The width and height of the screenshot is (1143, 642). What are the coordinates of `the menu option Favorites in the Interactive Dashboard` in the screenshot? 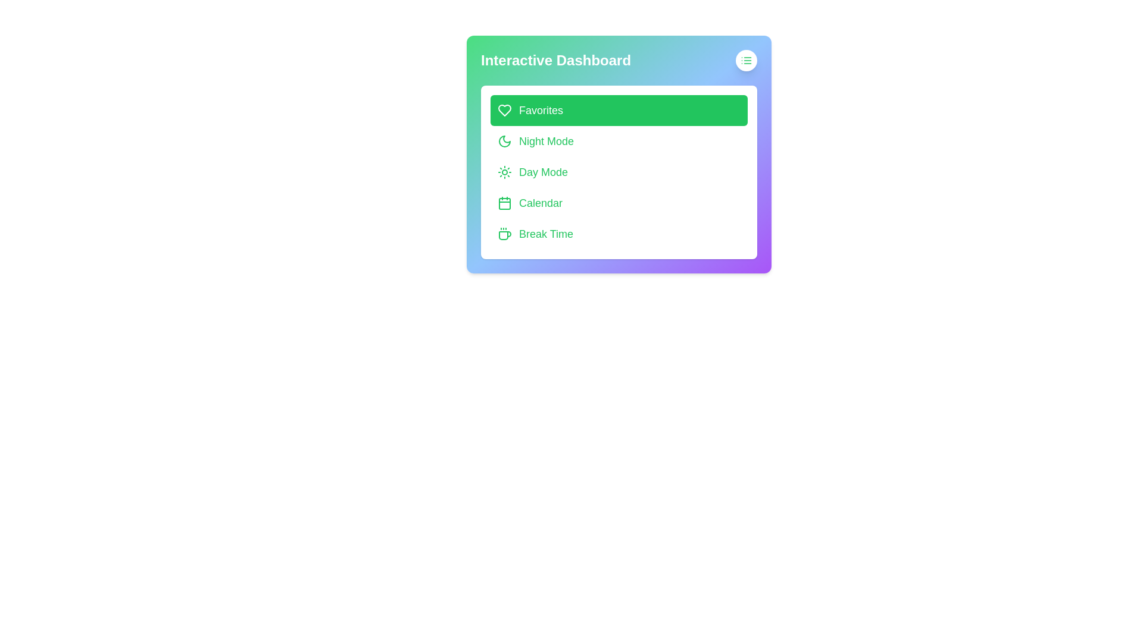 It's located at (619, 110).